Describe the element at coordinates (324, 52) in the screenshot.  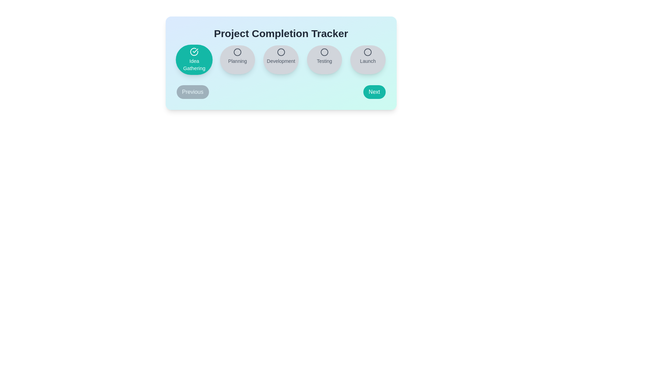
I see `the 'Testing' phase icon in the Project Completion Tracker, which is the fourth circular icon in the sequence` at that location.